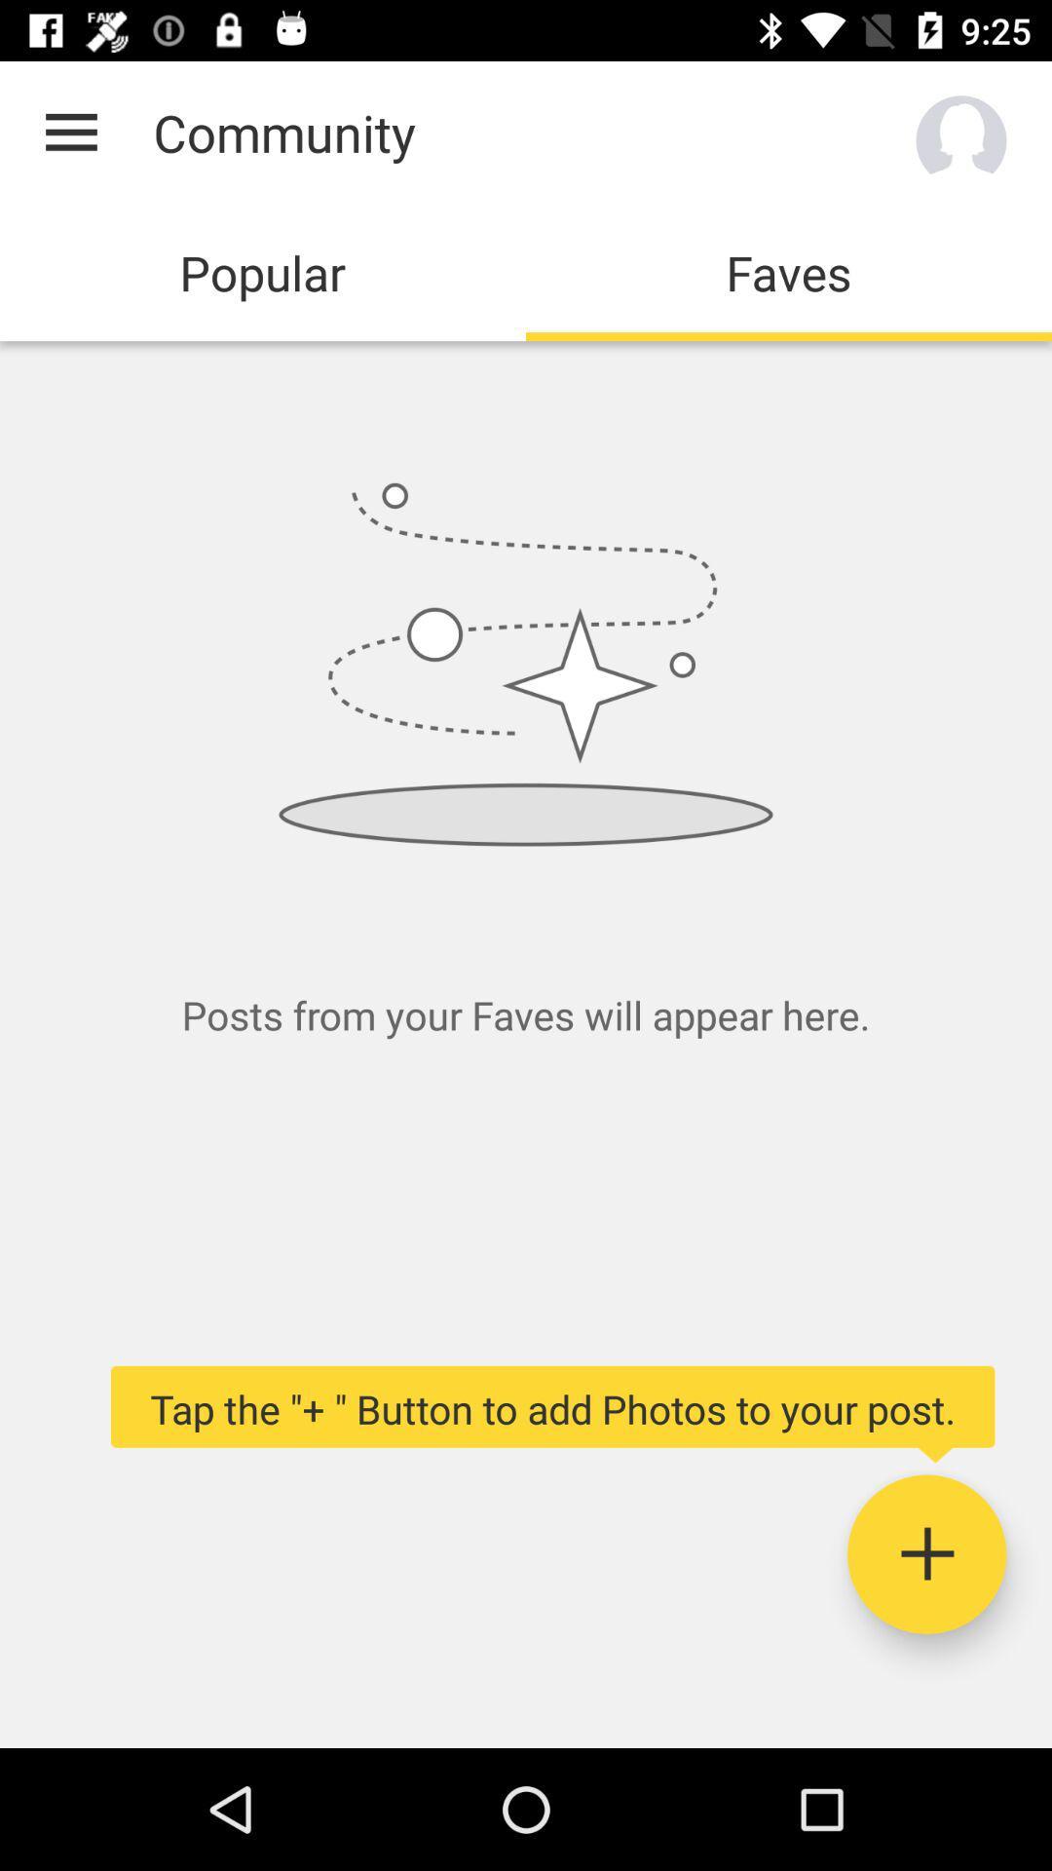 The image size is (1052, 1871). Describe the element at coordinates (925, 1553) in the screenshot. I see `icon at the bottom right corner` at that location.